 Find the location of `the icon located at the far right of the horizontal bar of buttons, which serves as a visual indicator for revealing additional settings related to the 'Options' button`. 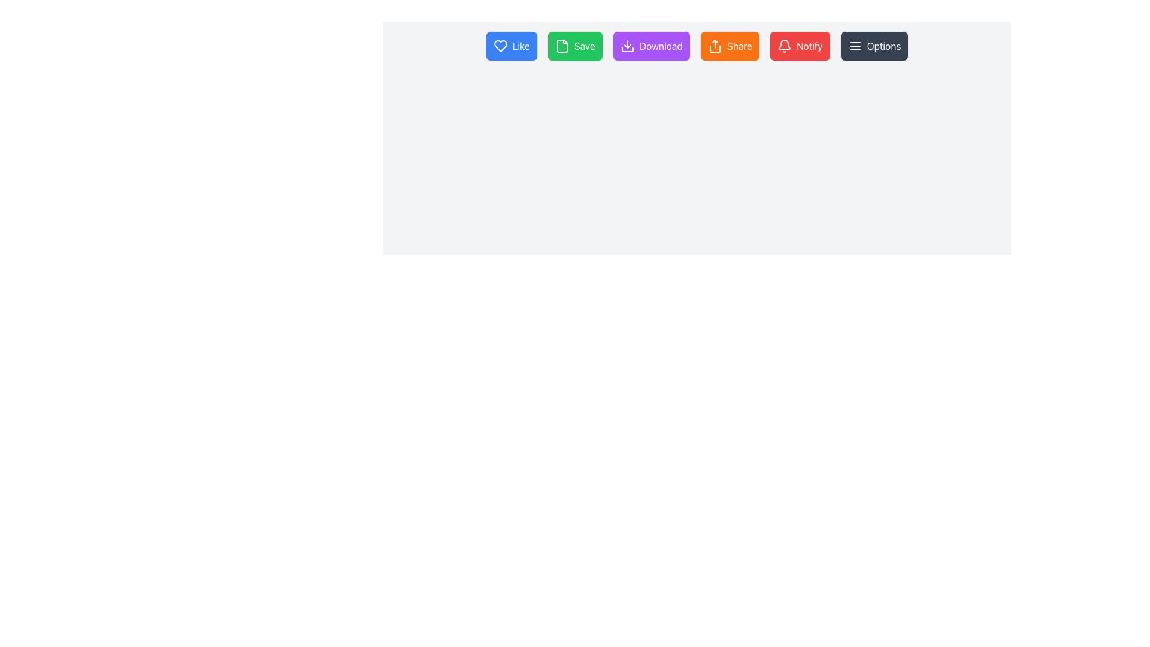

the icon located at the far right of the horizontal bar of buttons, which serves as a visual indicator for revealing additional settings related to the 'Options' button is located at coordinates (854, 46).